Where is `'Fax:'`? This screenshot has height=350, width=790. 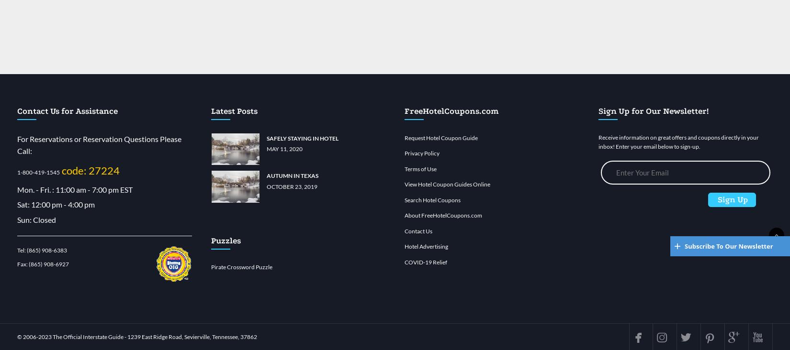 'Fax:' is located at coordinates (17, 263).